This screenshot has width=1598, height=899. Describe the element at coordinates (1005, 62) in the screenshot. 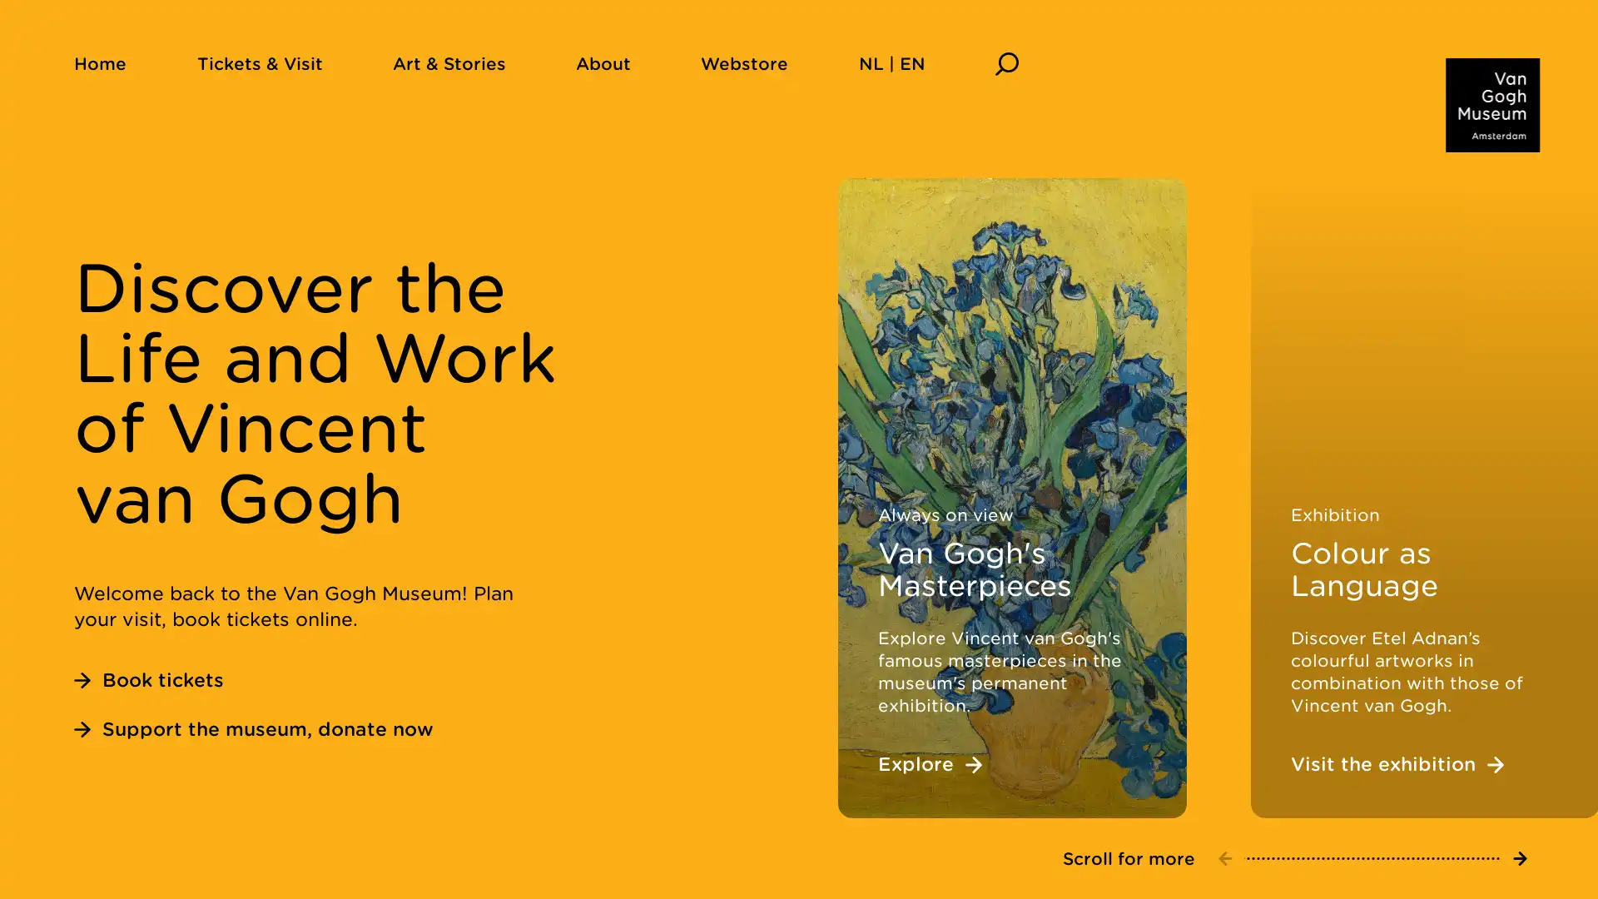

I see `Search` at that location.